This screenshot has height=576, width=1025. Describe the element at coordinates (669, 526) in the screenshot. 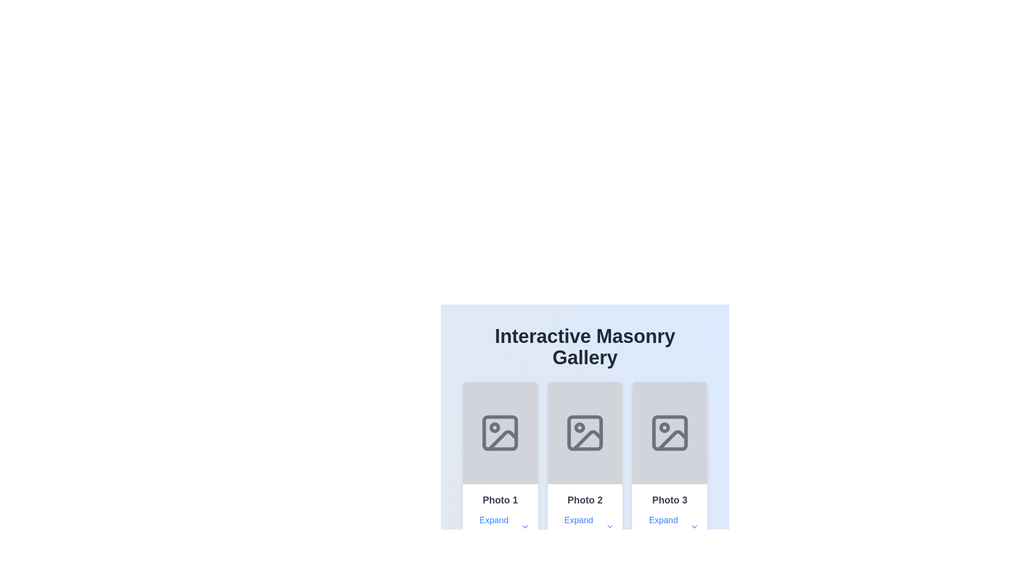

I see `the interactive hyperlink-style button located below the 'Photo 3' title` at that location.